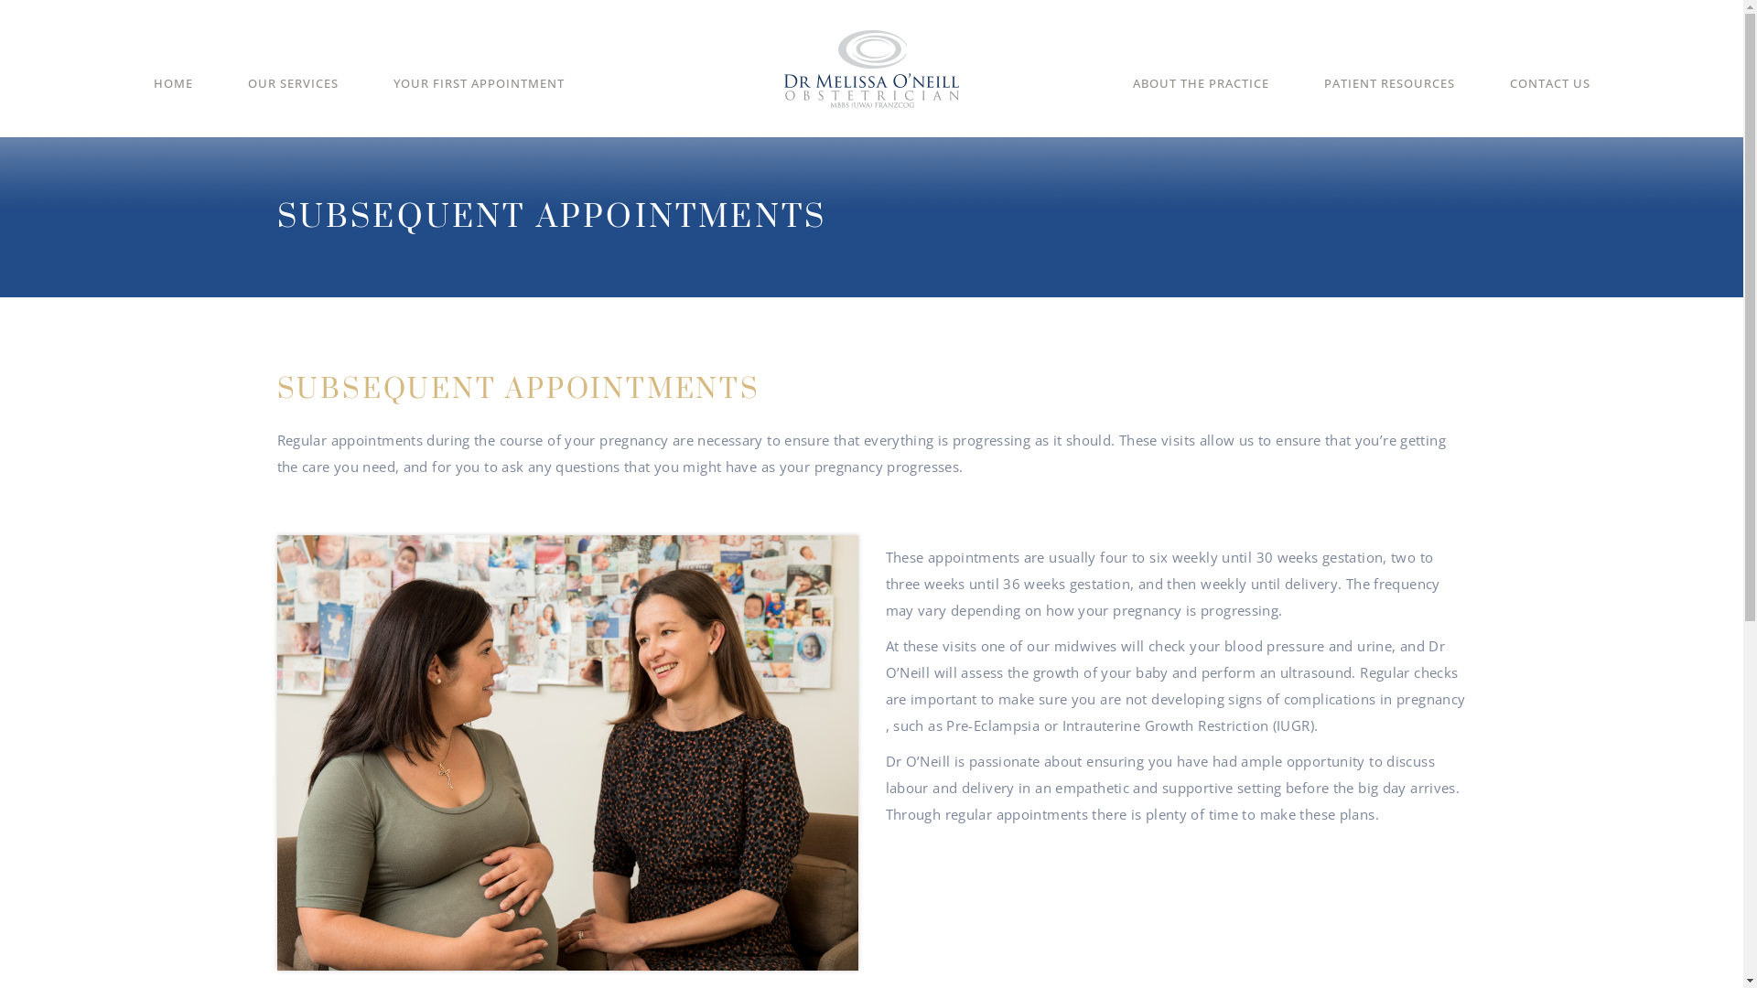 Image resolution: width=1757 pixels, height=988 pixels. I want to click on 'YOUR FIRST APPOINTMENT', so click(393, 96).